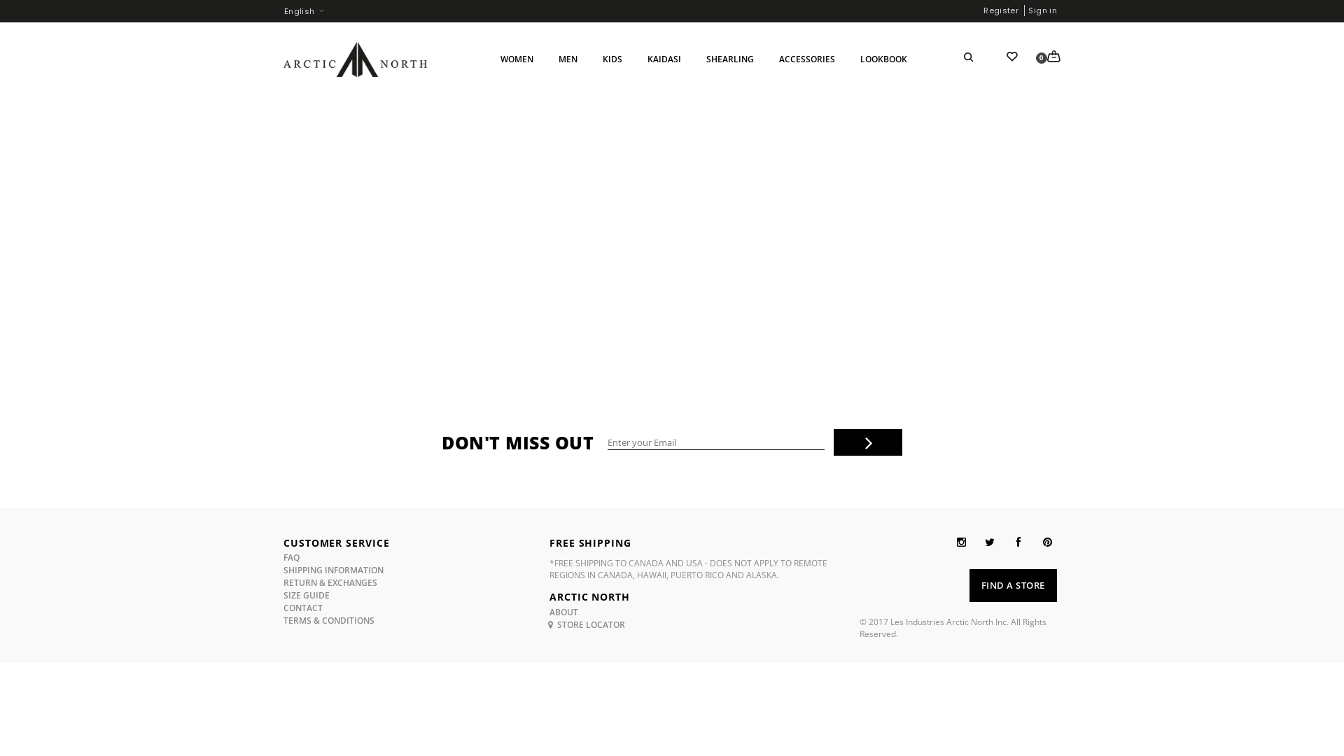 The width and height of the screenshot is (1344, 756). I want to click on 'Sign up for our newsletter', so click(715, 442).